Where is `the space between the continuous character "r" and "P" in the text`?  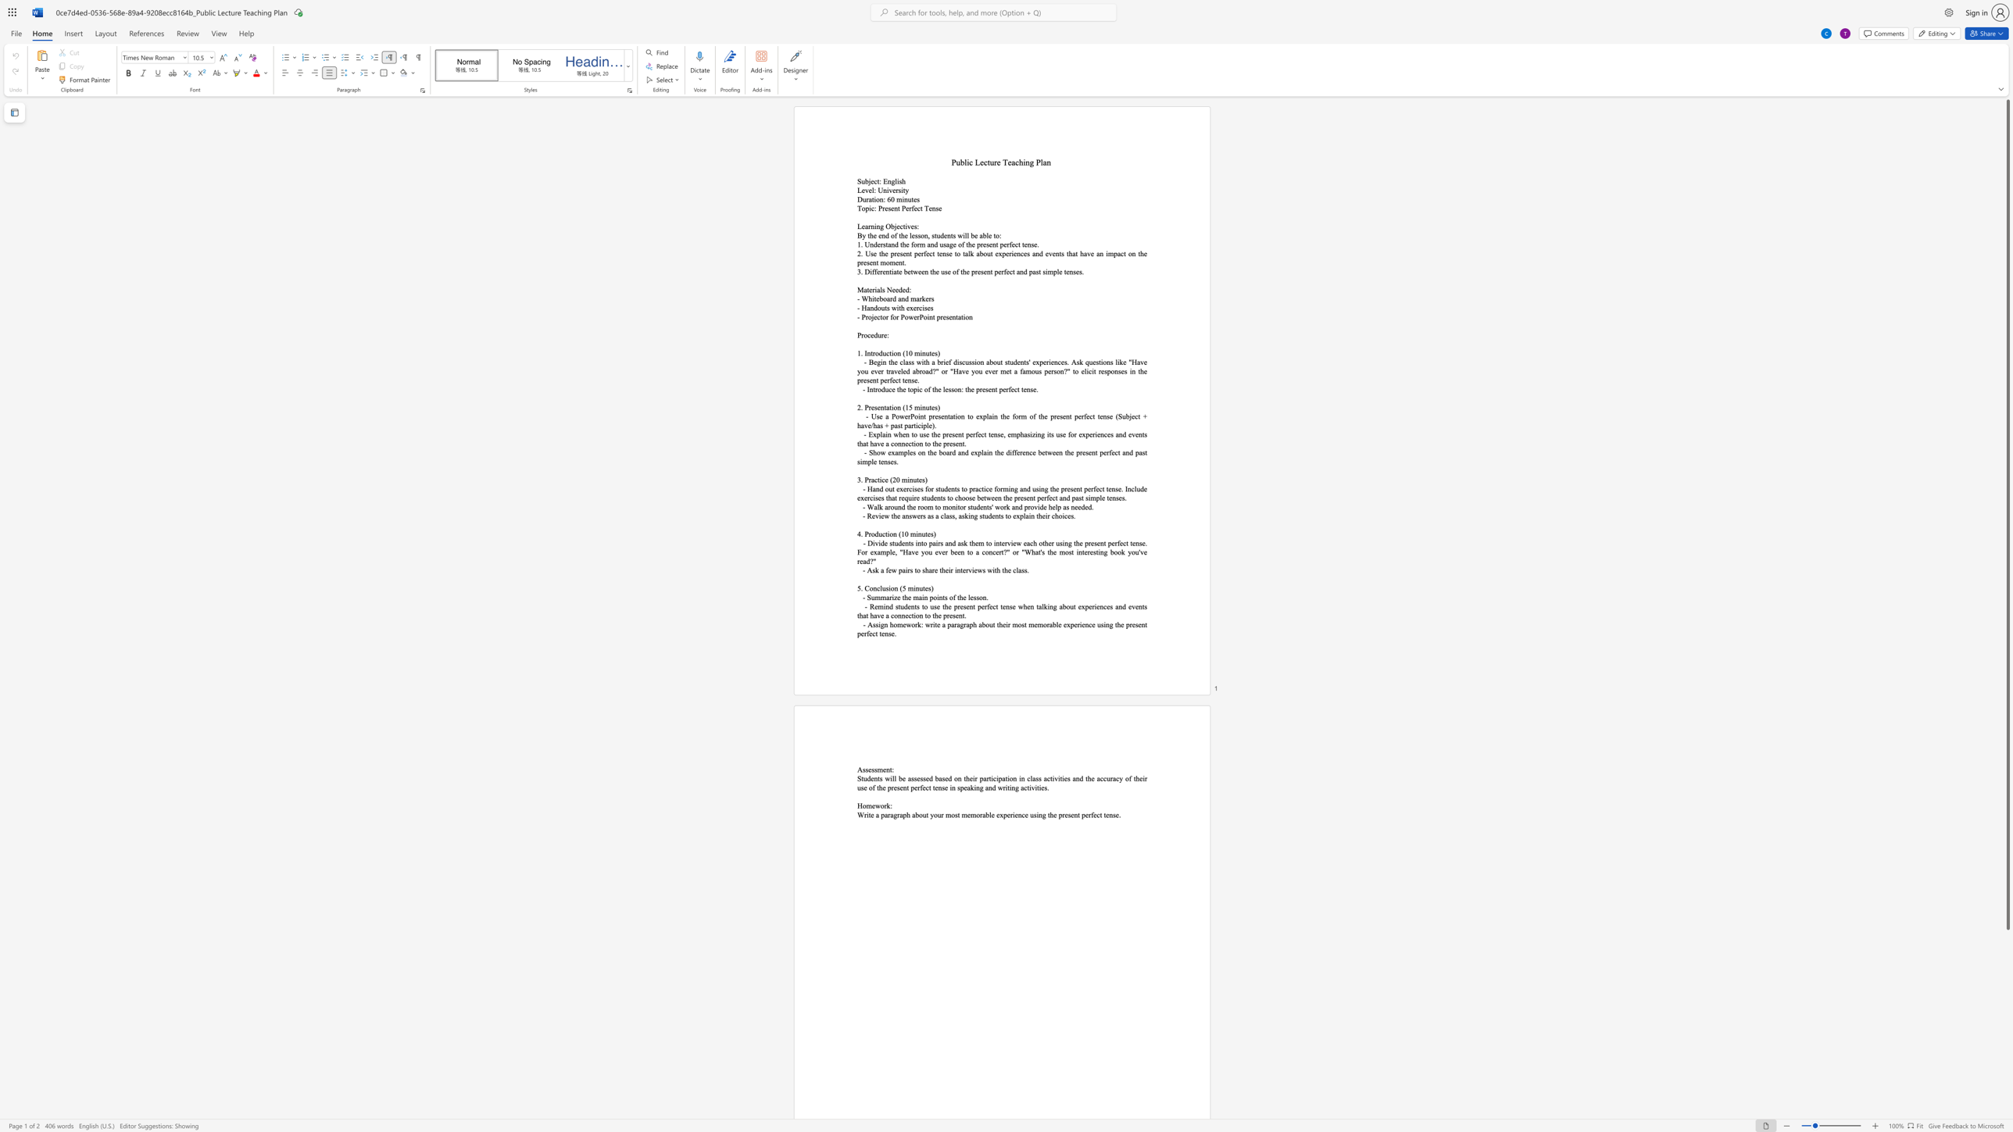 the space between the continuous character "r" and "P" in the text is located at coordinates (919, 317).